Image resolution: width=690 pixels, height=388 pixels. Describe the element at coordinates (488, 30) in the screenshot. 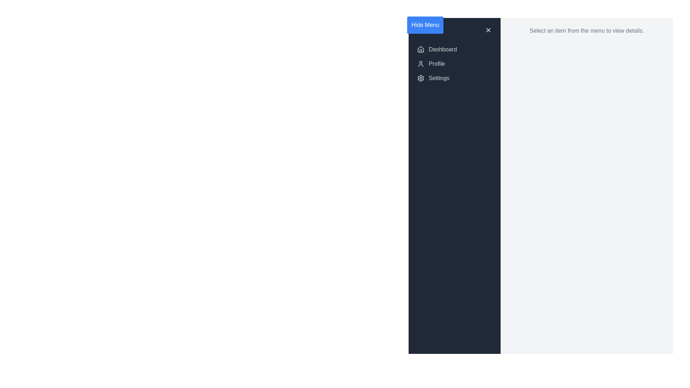

I see `the close icon button with an 'X' symbol located at the top-right corner of the dark sidebar` at that location.